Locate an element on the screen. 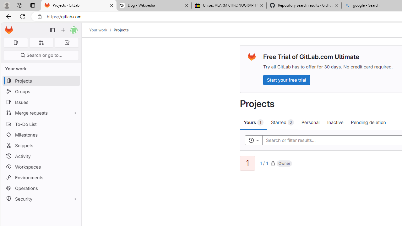 The height and width of the screenshot is (226, 402). 'Merge requests' is located at coordinates (41, 112).